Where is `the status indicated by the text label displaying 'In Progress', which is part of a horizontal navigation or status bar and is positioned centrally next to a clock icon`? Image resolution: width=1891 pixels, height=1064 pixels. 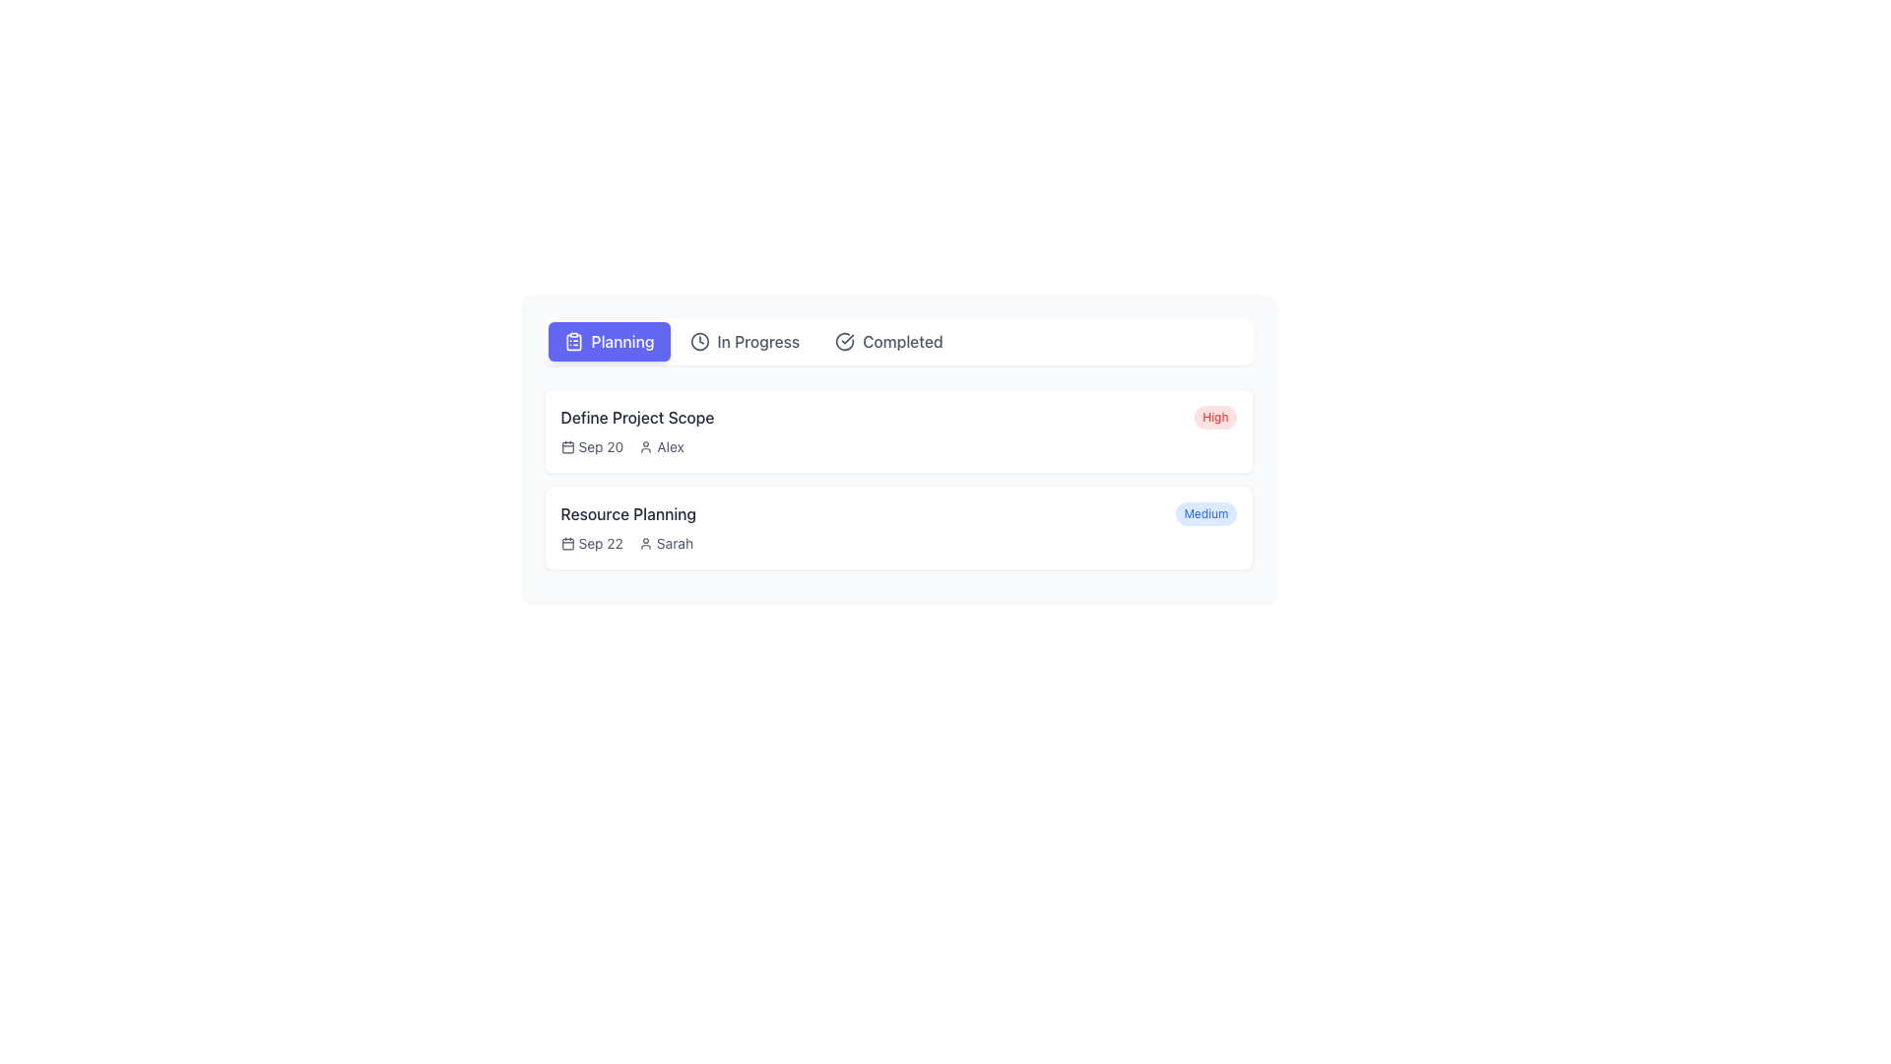
the status indicated by the text label displaying 'In Progress', which is part of a horizontal navigation or status bar and is positioned centrally next to a clock icon is located at coordinates (757, 341).